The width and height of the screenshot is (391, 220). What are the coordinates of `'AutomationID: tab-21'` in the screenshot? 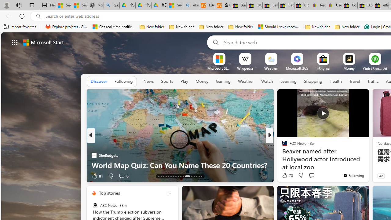 It's located at (178, 176).